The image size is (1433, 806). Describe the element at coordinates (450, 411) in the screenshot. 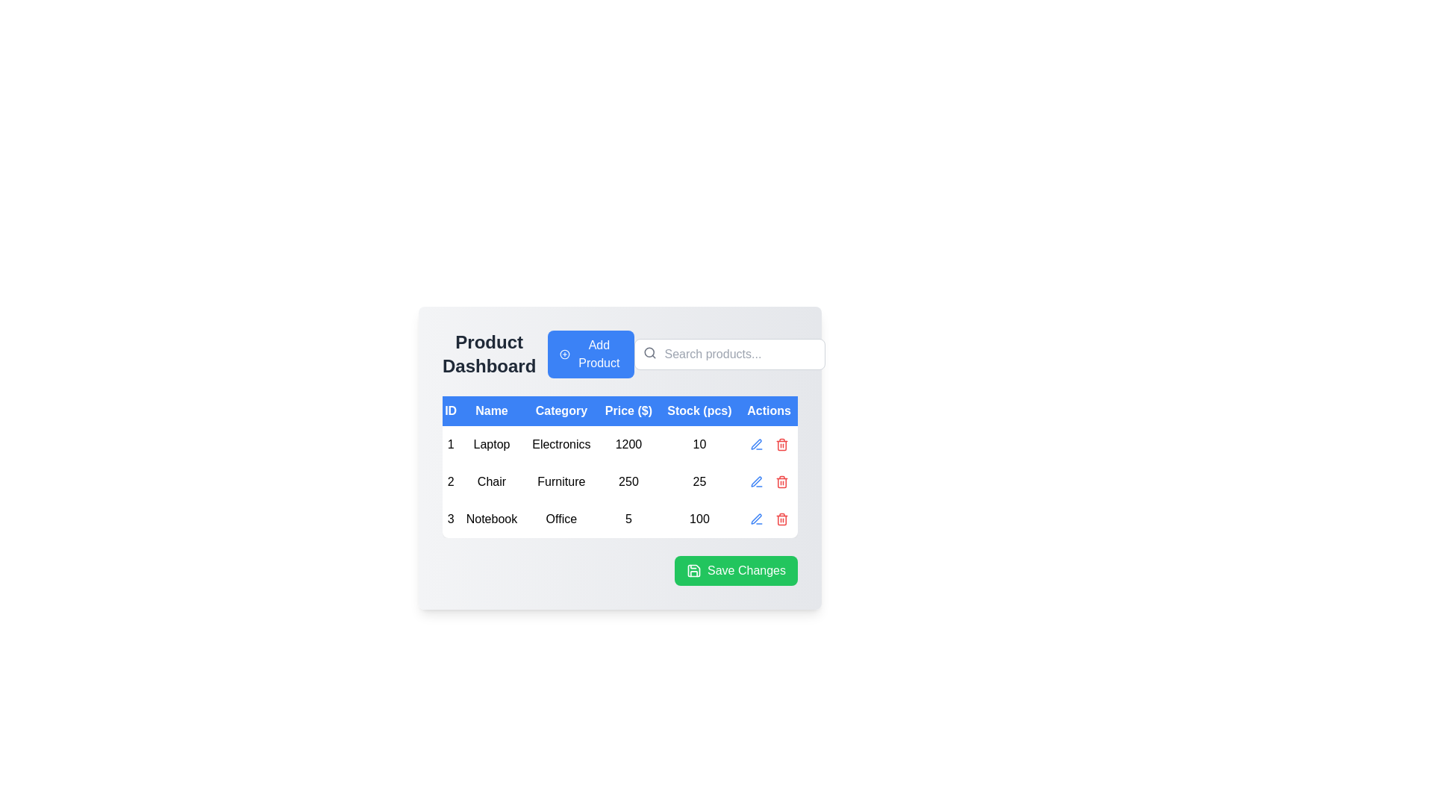

I see `the text label 'ID' located in the first header cell of the table, which features white text on a blue background` at that location.